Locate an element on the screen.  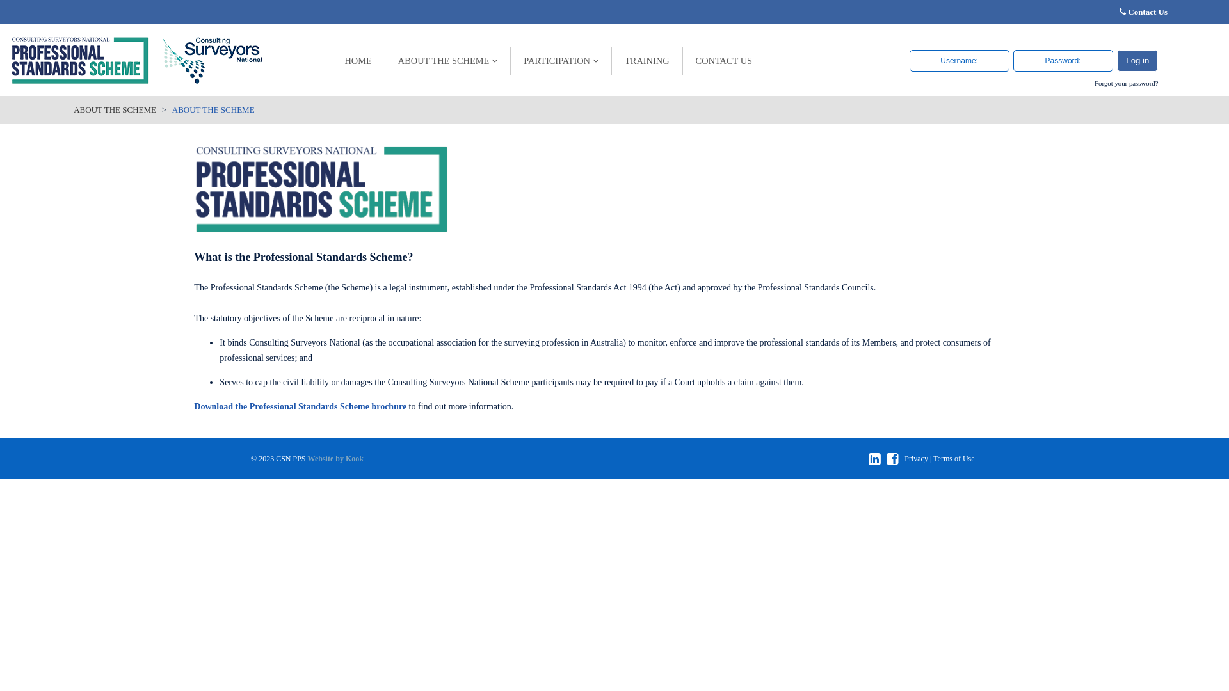
'PARTICIPATION' is located at coordinates (561, 61).